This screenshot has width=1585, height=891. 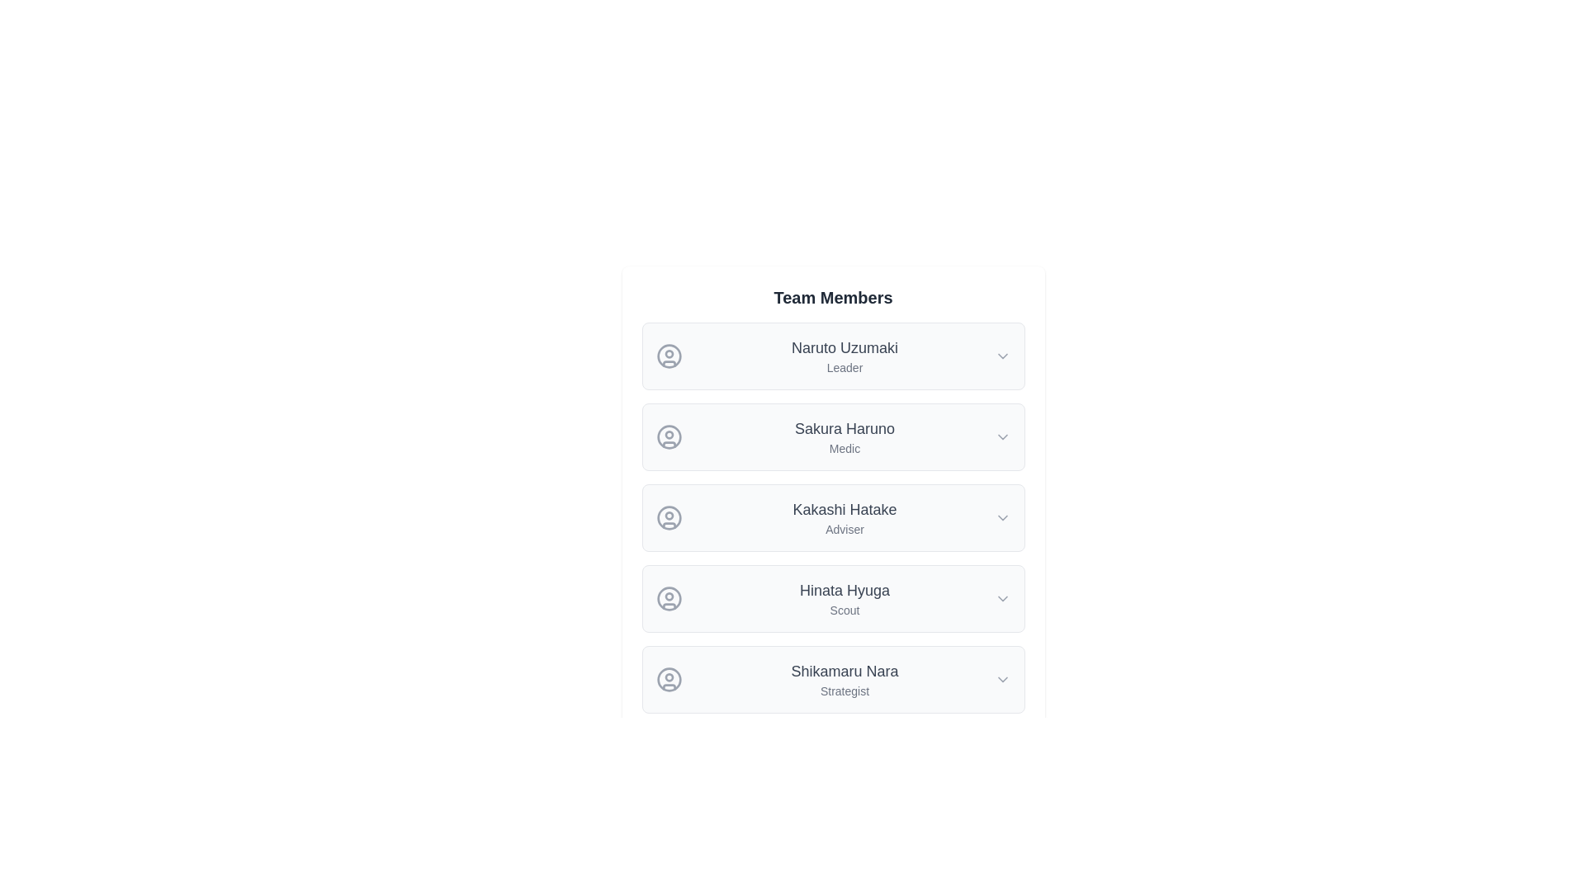 I want to click on the Avatar Icon representing the user, so click(x=669, y=436).